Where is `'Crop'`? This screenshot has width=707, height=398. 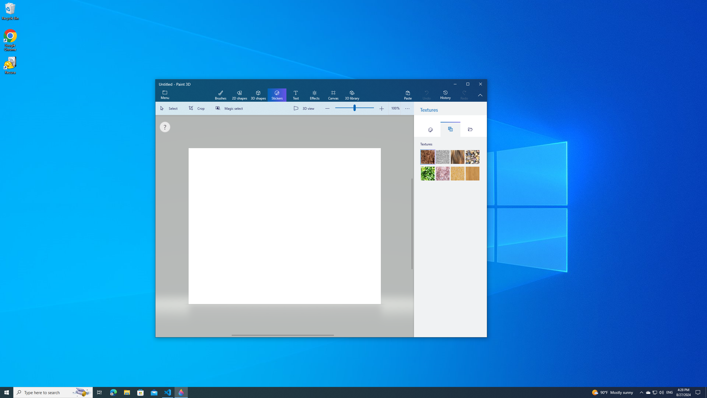
'Crop' is located at coordinates (198, 108).